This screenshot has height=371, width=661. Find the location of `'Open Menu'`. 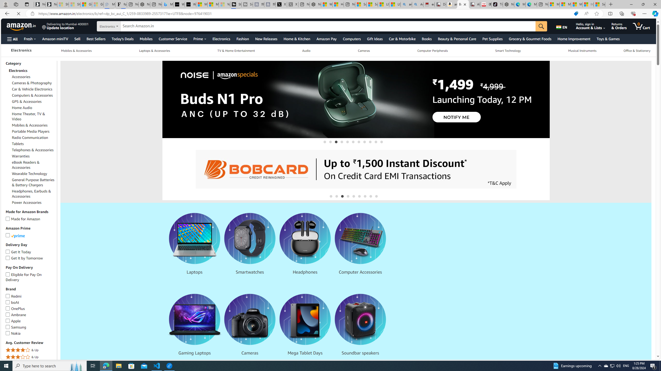

'Open Menu' is located at coordinates (12, 39).